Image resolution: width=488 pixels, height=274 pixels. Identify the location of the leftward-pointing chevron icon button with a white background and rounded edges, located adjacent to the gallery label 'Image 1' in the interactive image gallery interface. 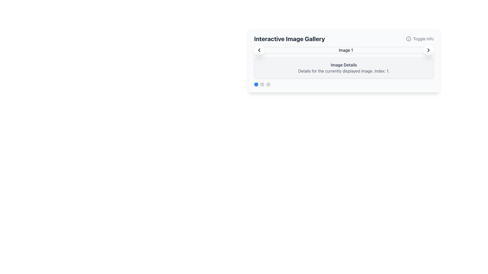
(259, 50).